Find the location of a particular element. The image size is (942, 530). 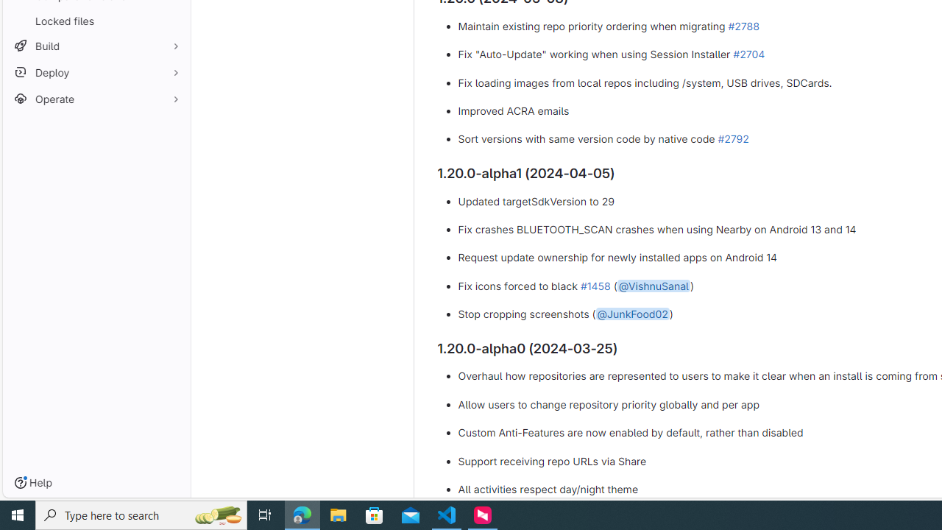

'#2704' is located at coordinates (748, 53).